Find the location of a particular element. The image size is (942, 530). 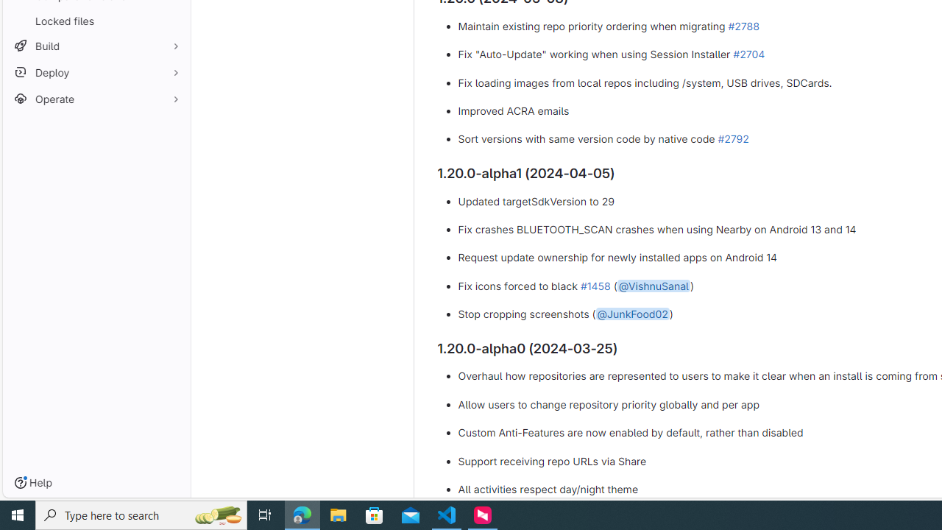

'#2704' is located at coordinates (748, 53).